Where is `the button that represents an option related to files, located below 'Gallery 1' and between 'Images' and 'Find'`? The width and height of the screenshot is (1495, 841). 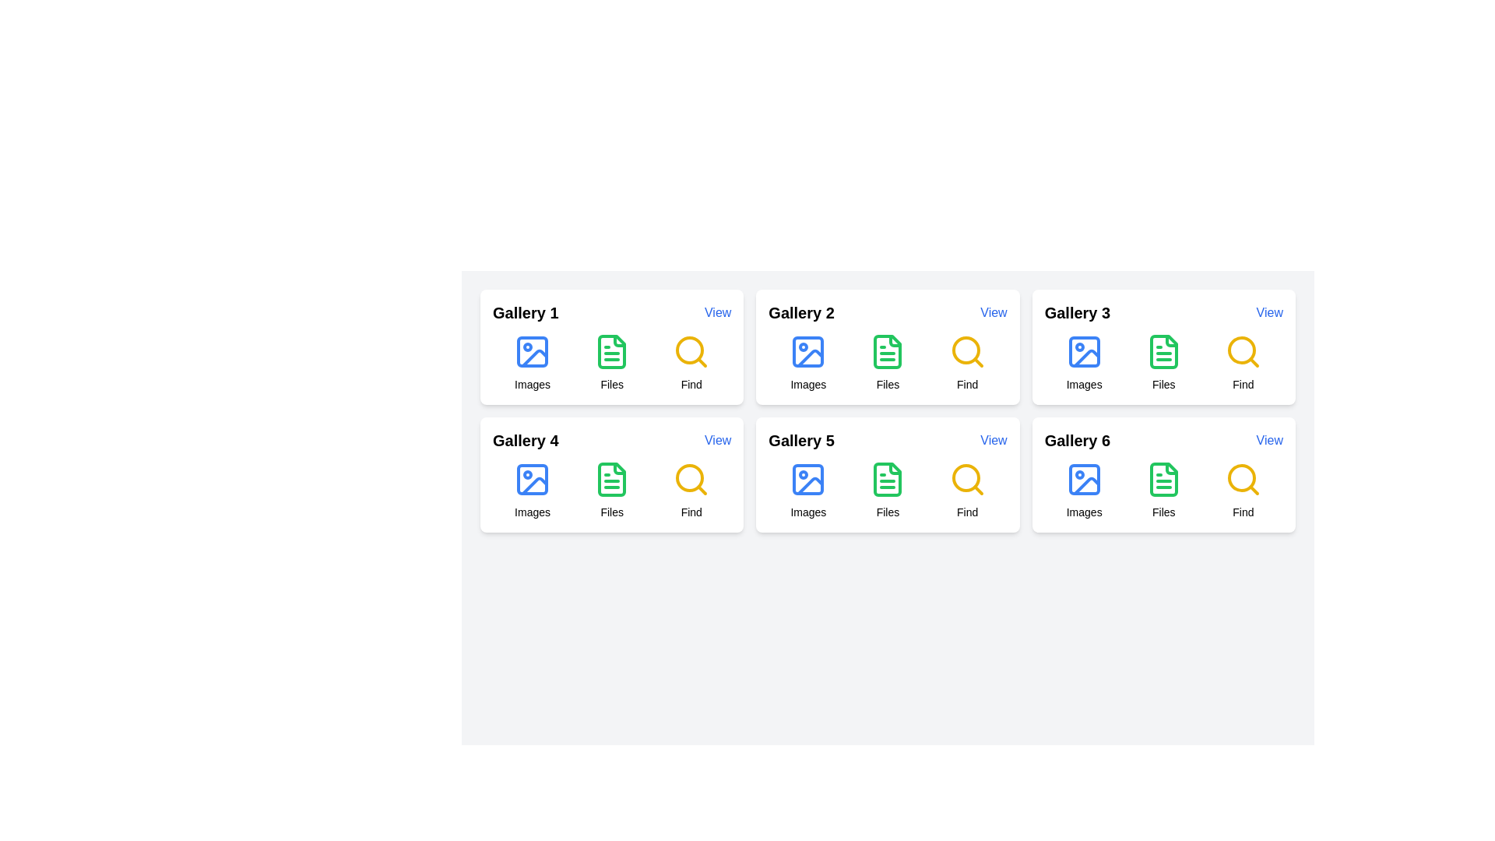
the button that represents an option related to files, located below 'Gallery 1' and between 'Images' and 'Find' is located at coordinates (611, 363).